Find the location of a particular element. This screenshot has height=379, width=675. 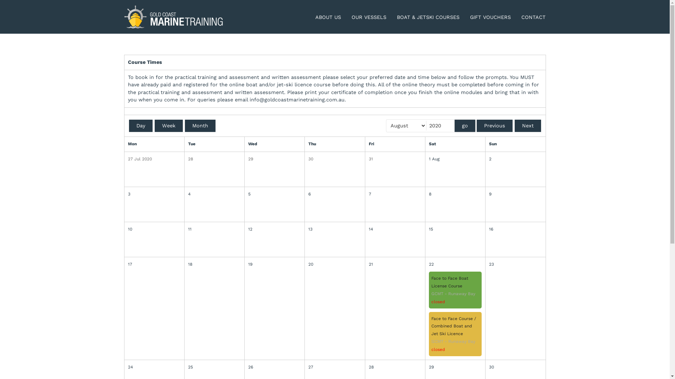

'16' is located at coordinates (515, 230).